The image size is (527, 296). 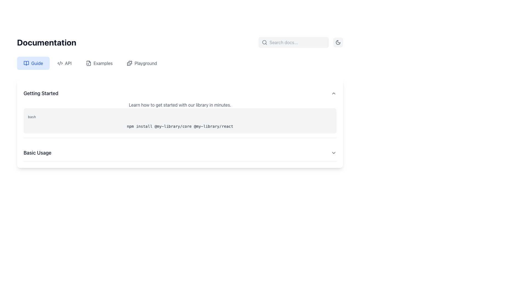 I want to click on the chevron icon located to the right of the 'Getting Started' text, so click(x=333, y=93).